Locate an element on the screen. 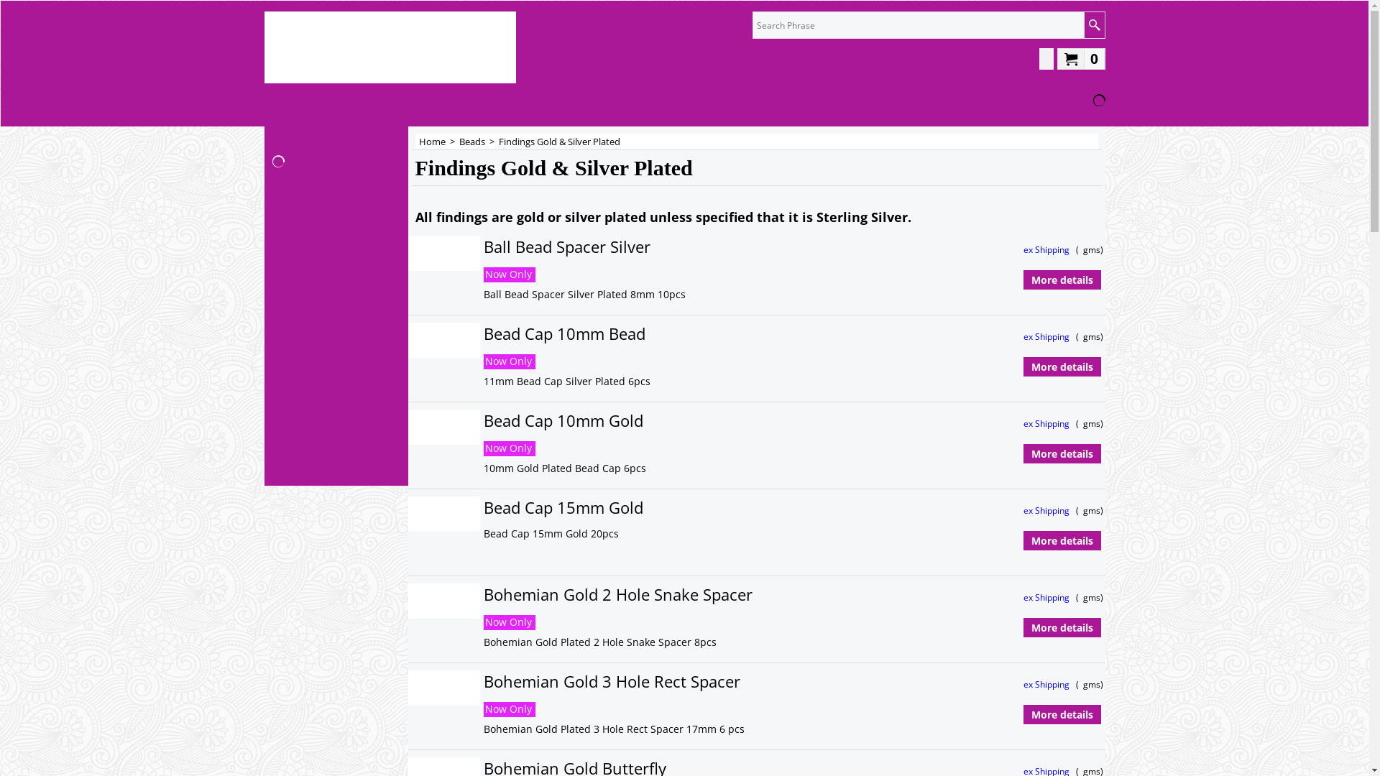 Image resolution: width=1380 pixels, height=776 pixels. 'Find' is located at coordinates (1093, 24).